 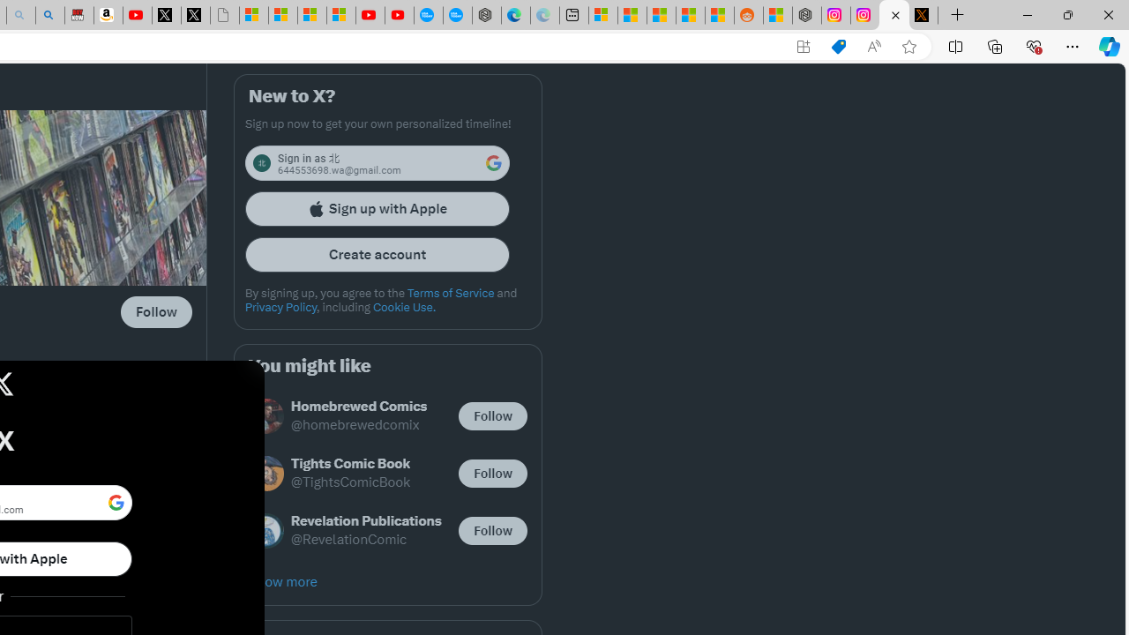 I want to click on 'help.x.com | 524: A timeout occurred', so click(x=923, y=15).